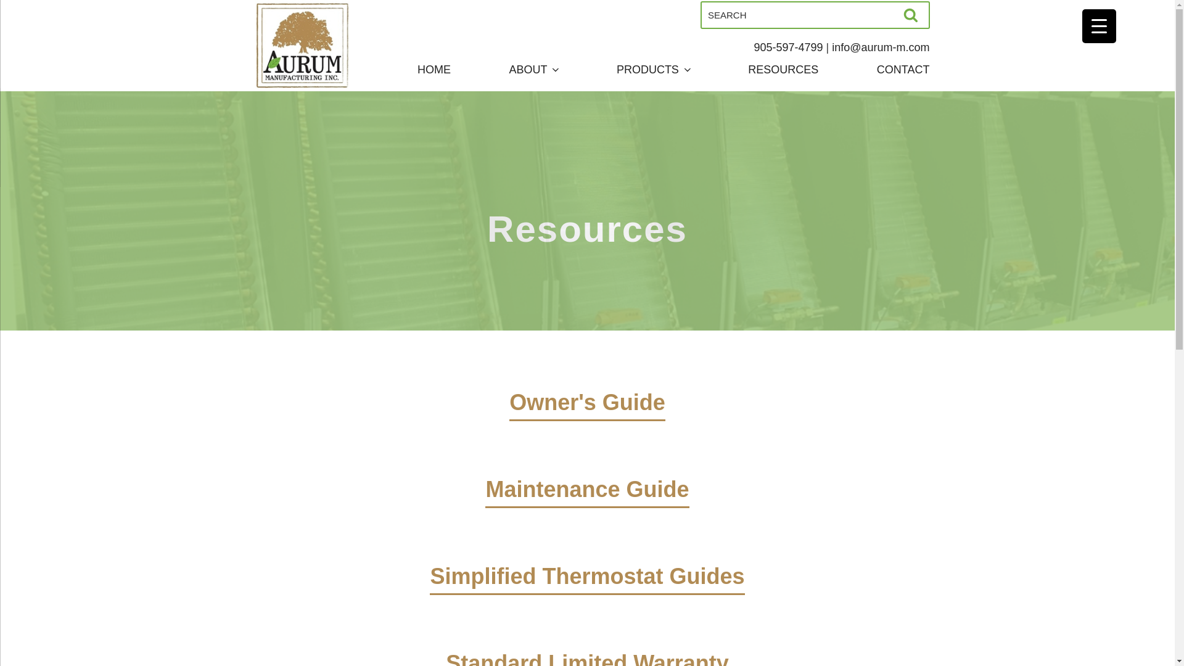 This screenshot has height=666, width=1184. I want to click on 'Search for:', so click(815, 15).